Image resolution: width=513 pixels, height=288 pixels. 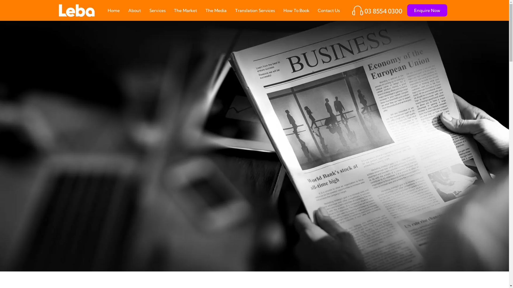 I want to click on 'Services', so click(x=146, y=10).